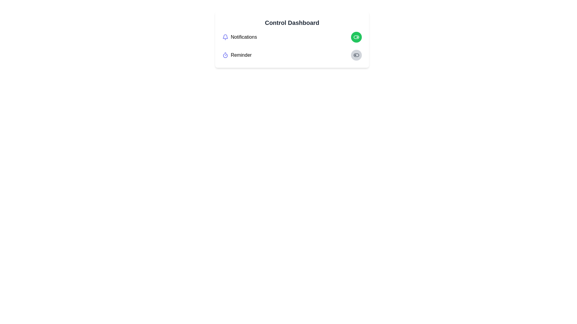 This screenshot has height=324, width=577. I want to click on the central circular SVG element that represents a reminder icon, located to the left of the 'Reminder' text, so click(225, 55).